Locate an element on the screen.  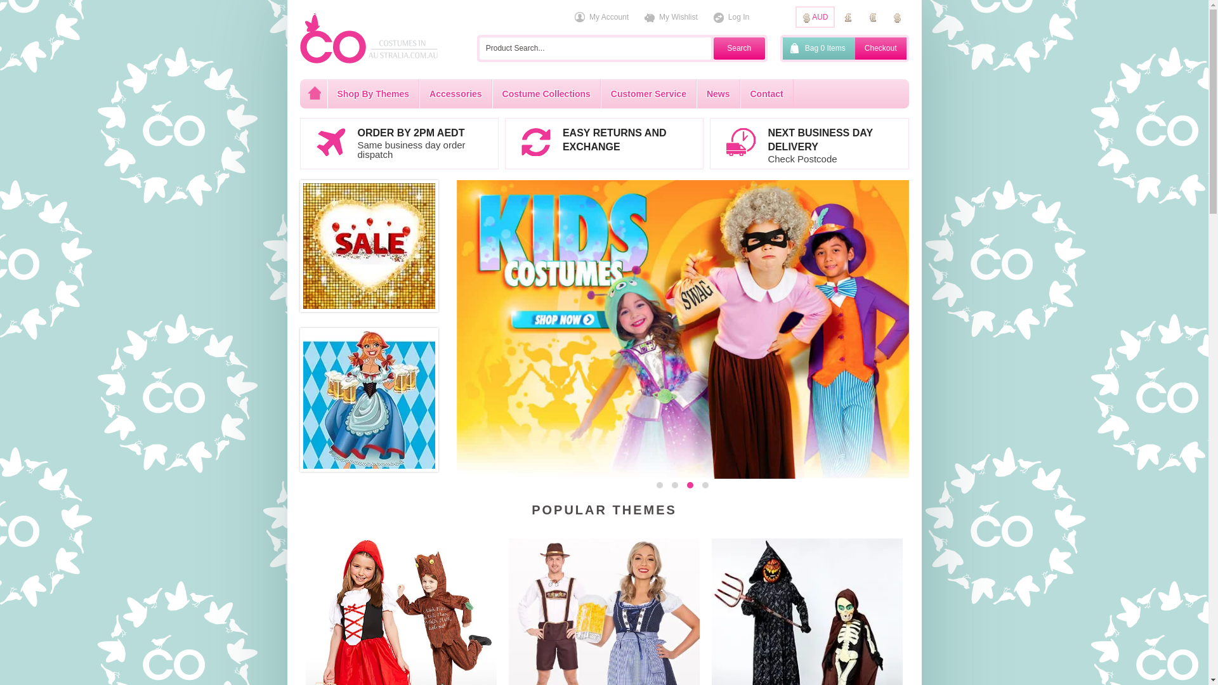
'Contact' is located at coordinates (740, 93).